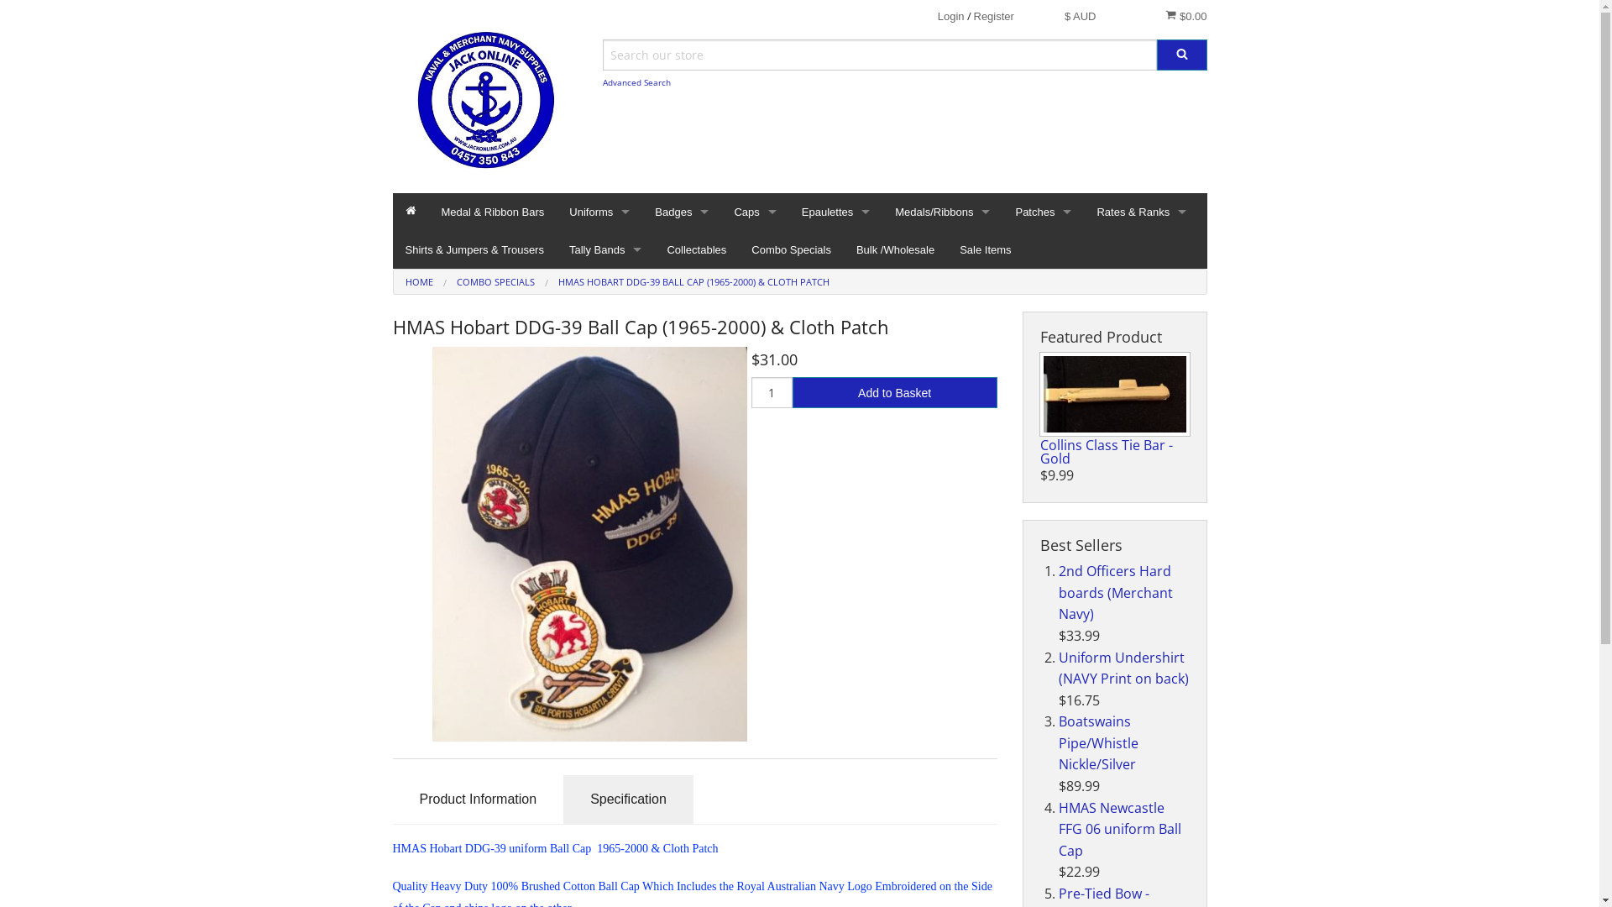 This screenshot has width=1612, height=907. I want to click on 'Patches', so click(1002, 211).